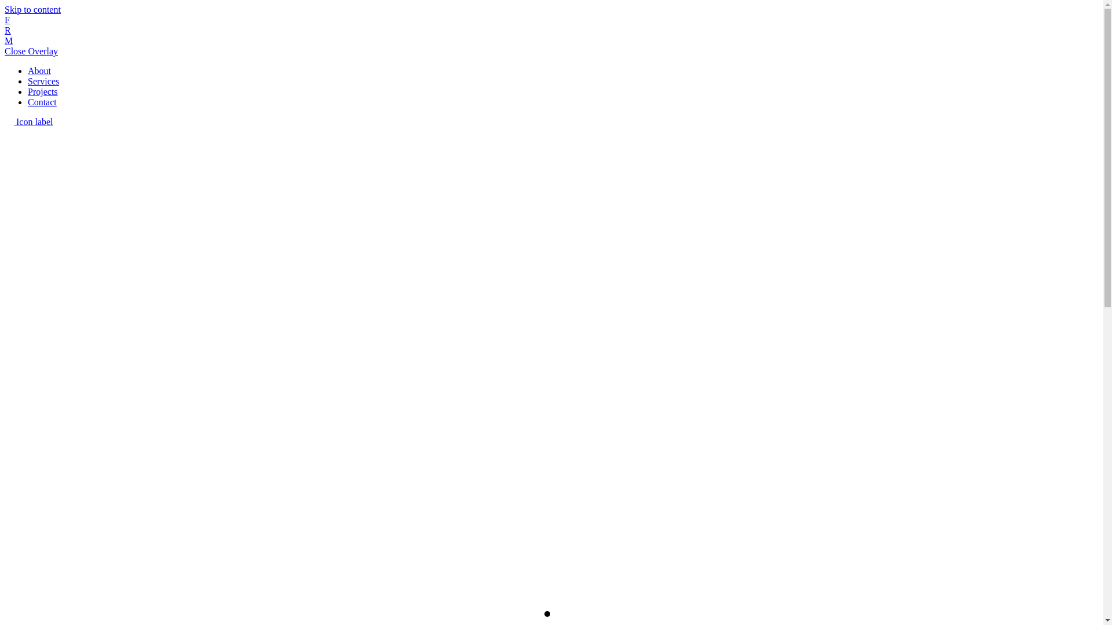  What do you see at coordinates (42, 101) in the screenshot?
I see `'Contact'` at bounding box center [42, 101].